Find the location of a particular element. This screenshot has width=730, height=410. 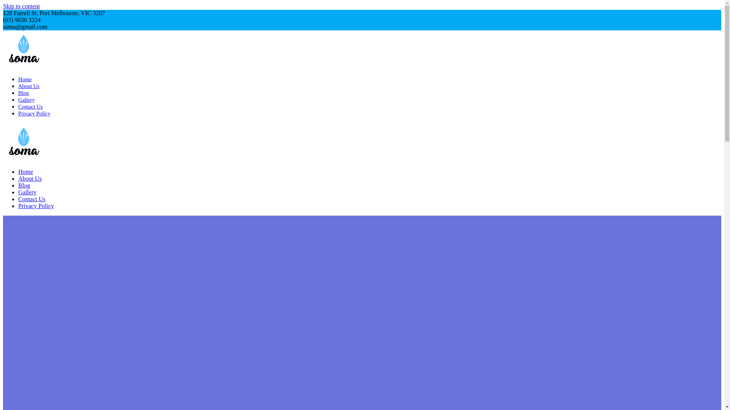

'Gallery' is located at coordinates (18, 192).